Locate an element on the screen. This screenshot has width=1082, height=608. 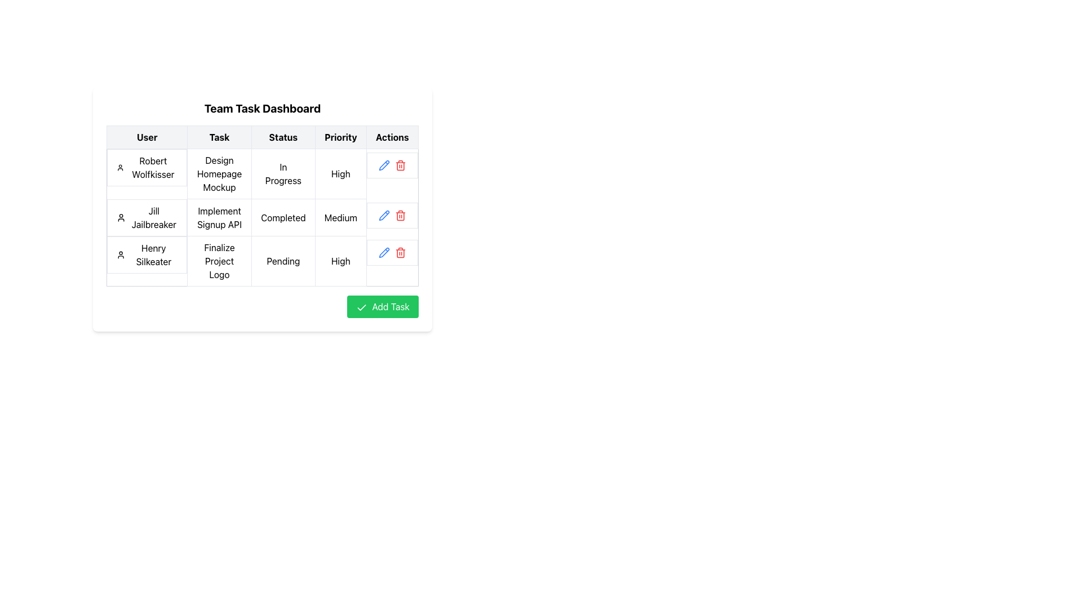
the Text Display element that shows the task name in the second column of the task management table, located between the 'Robert Wolfkisser' and 'In Progress' cells in the first row is located at coordinates (219, 173).